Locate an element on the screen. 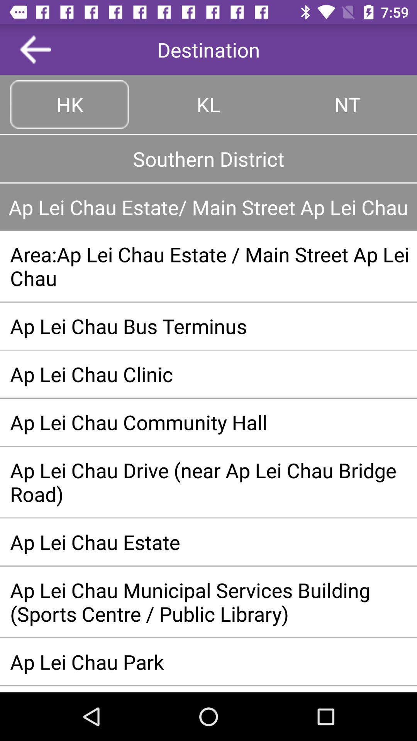 The width and height of the screenshot is (417, 741). the icon next to hk icon is located at coordinates (208, 104).